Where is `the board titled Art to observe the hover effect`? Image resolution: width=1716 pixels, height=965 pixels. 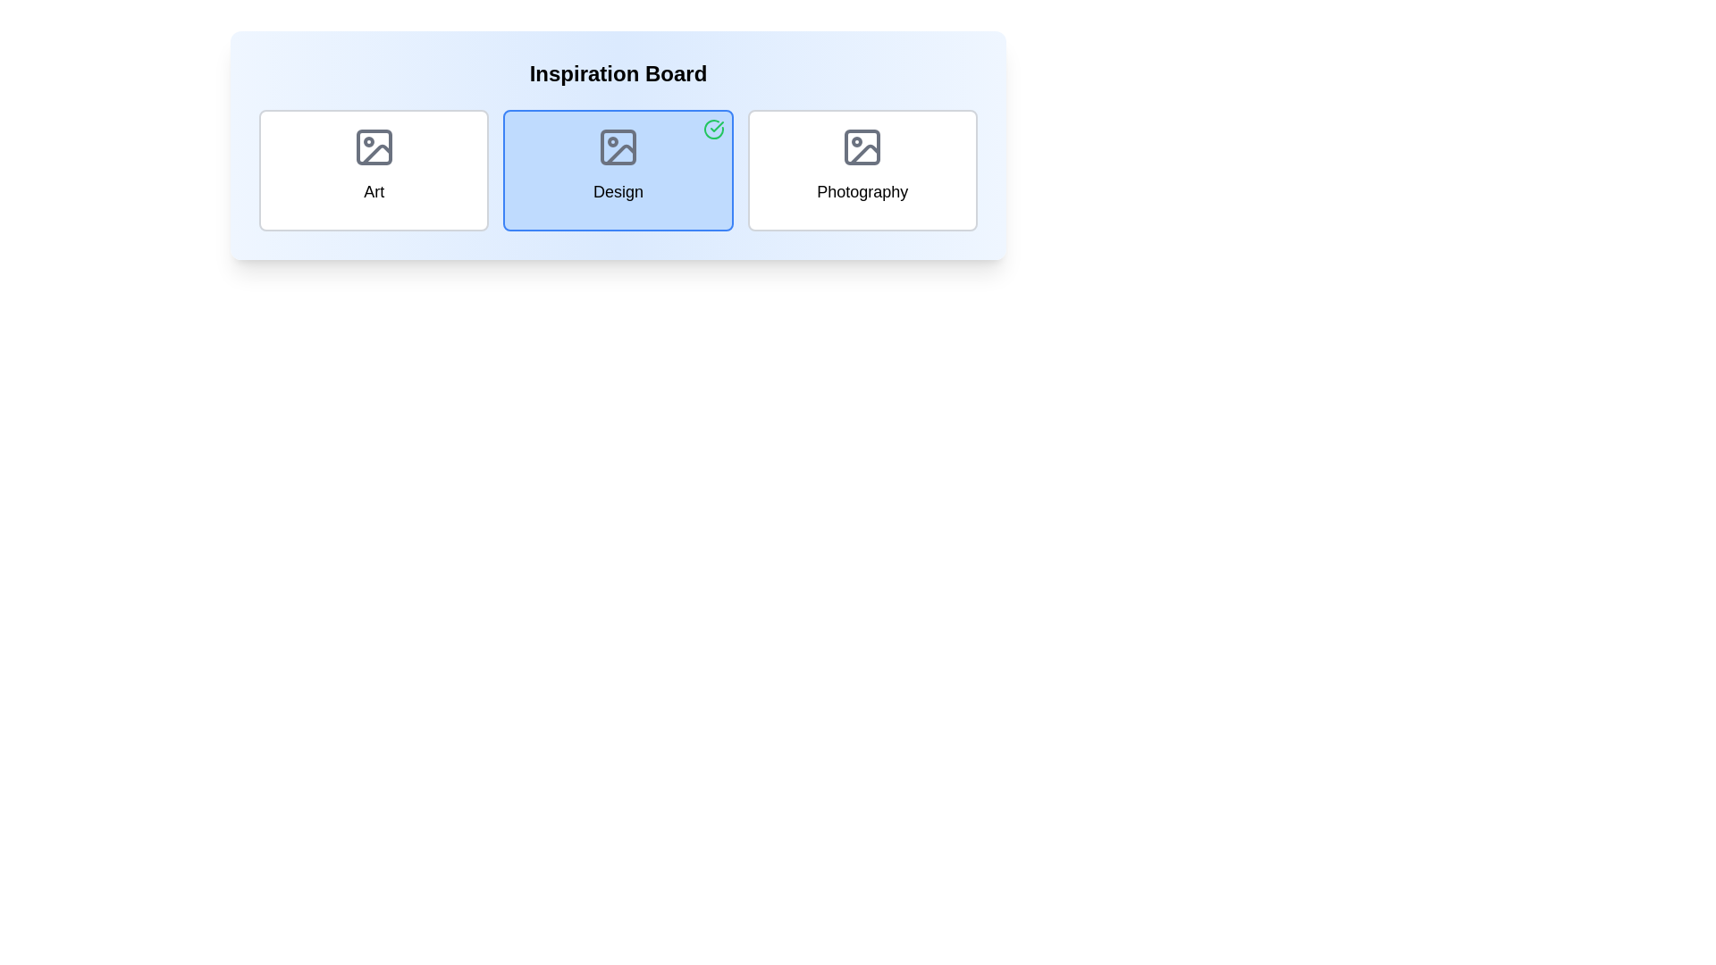
the board titled Art to observe the hover effect is located at coordinates (373, 171).